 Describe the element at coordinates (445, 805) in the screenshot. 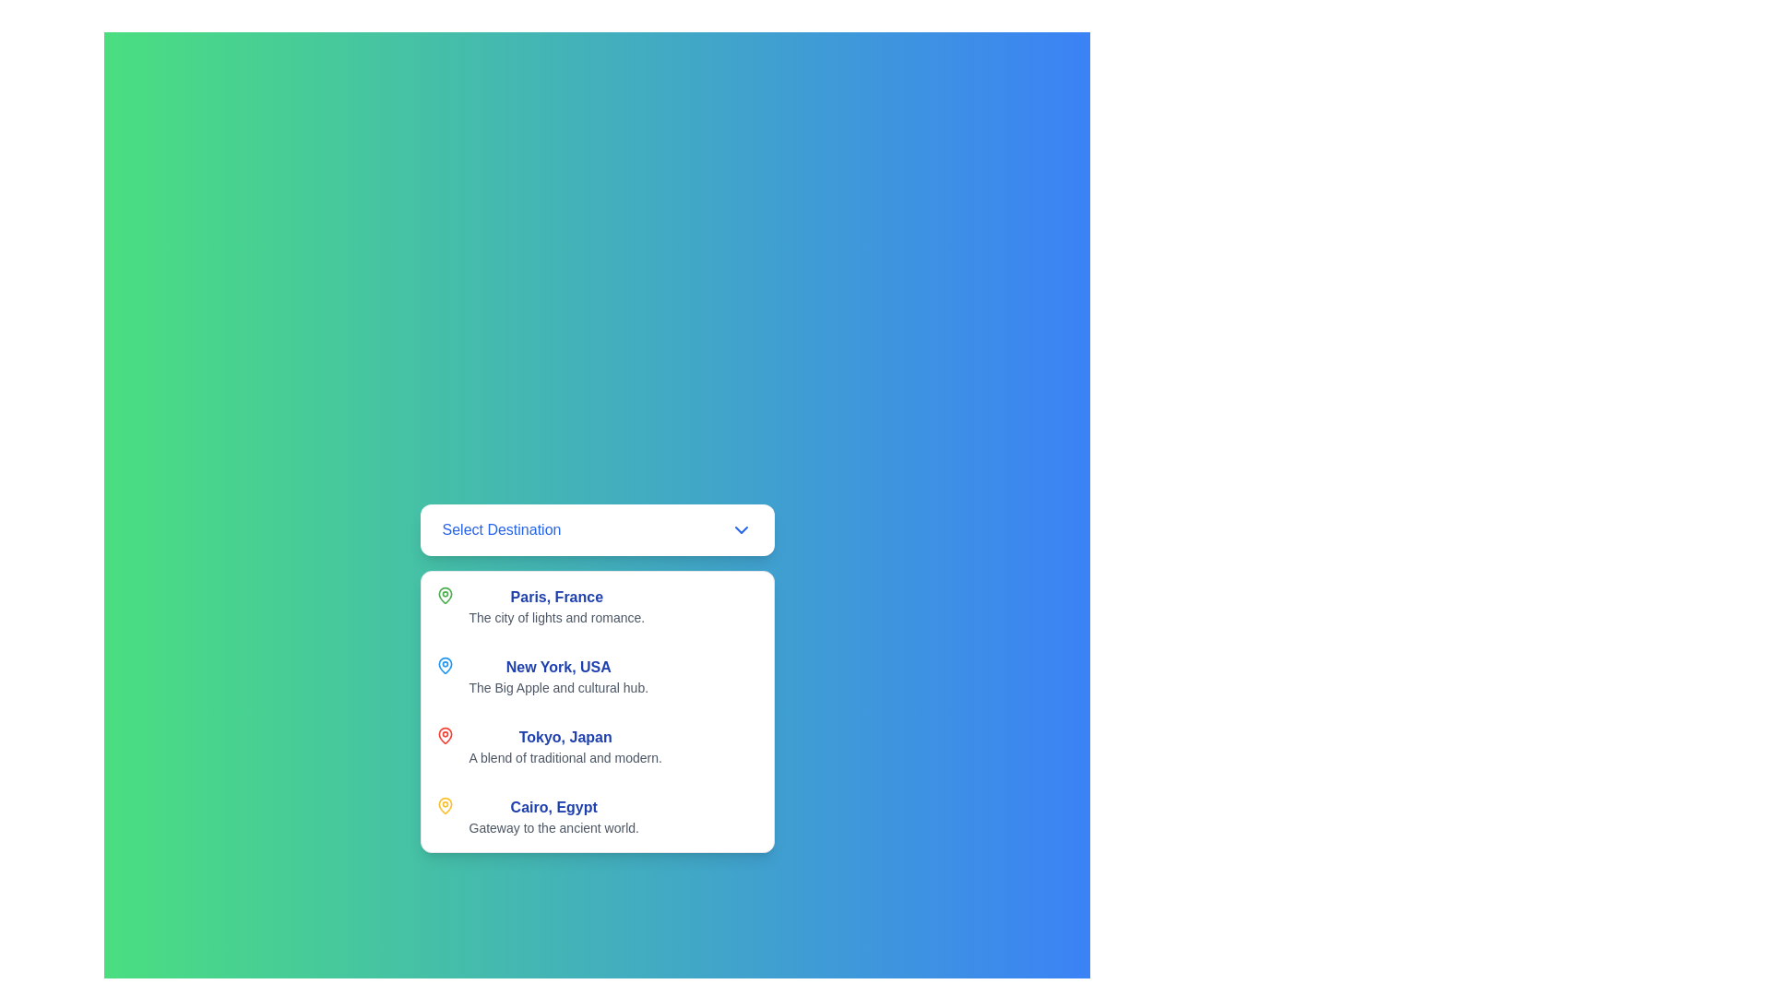

I see `the icon that identifies the 'Cairo, Egypt' destination option for accessibility purposes` at that location.